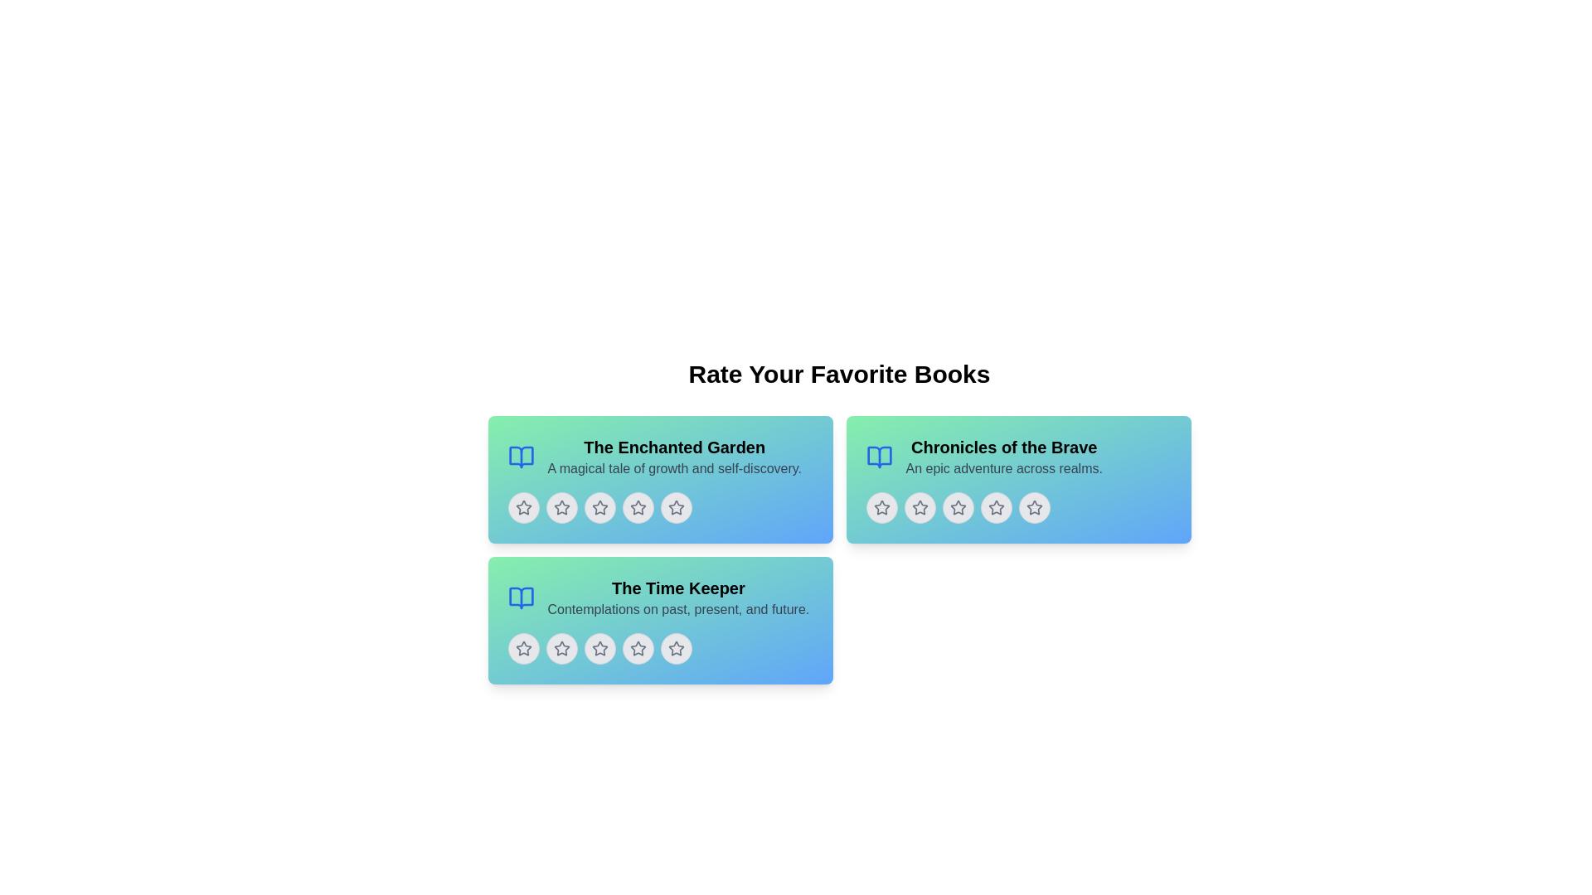 The height and width of the screenshot is (895, 1592). Describe the element at coordinates (676, 506) in the screenshot. I see `the second star-shaped rating icon in the row below the book titled 'The Enchanted Garden'` at that location.